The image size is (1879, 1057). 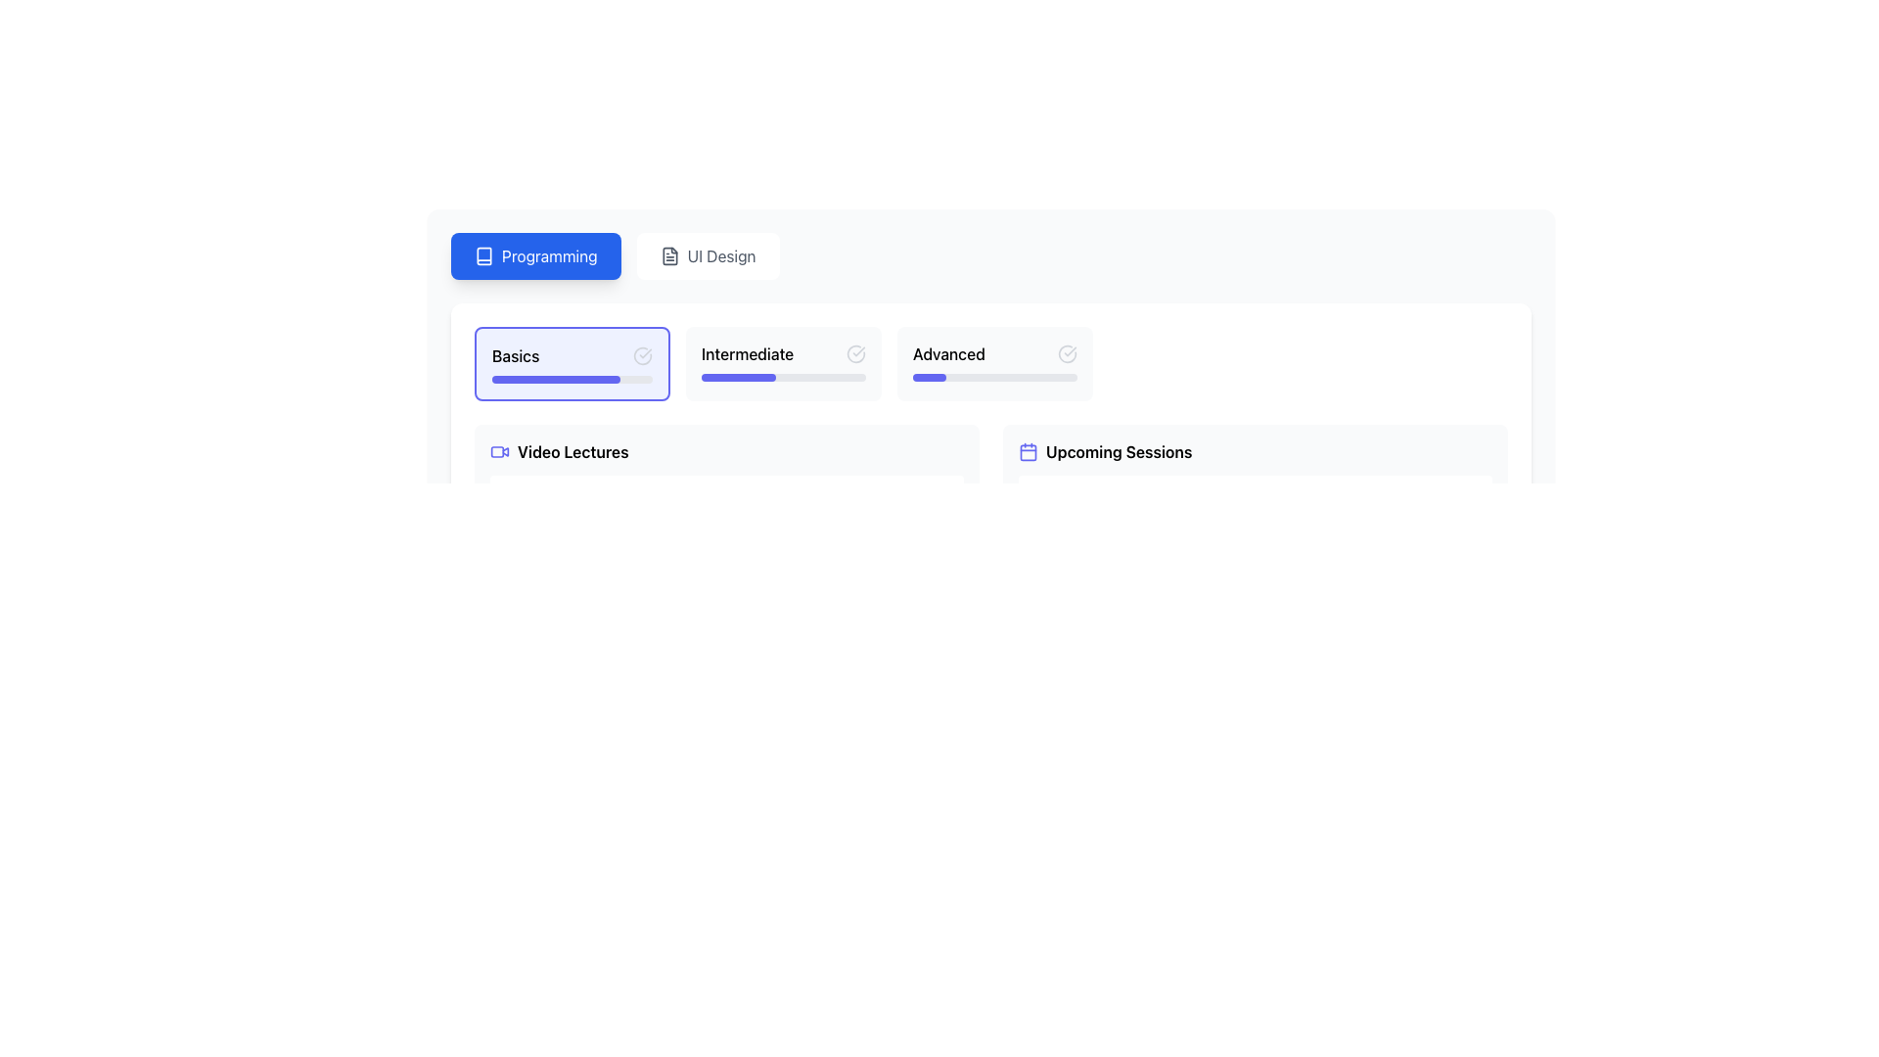 I want to click on the open book icon located at the leftmost part of the Programming tab button, which is in the top-left corner of the interface, so click(x=483, y=255).